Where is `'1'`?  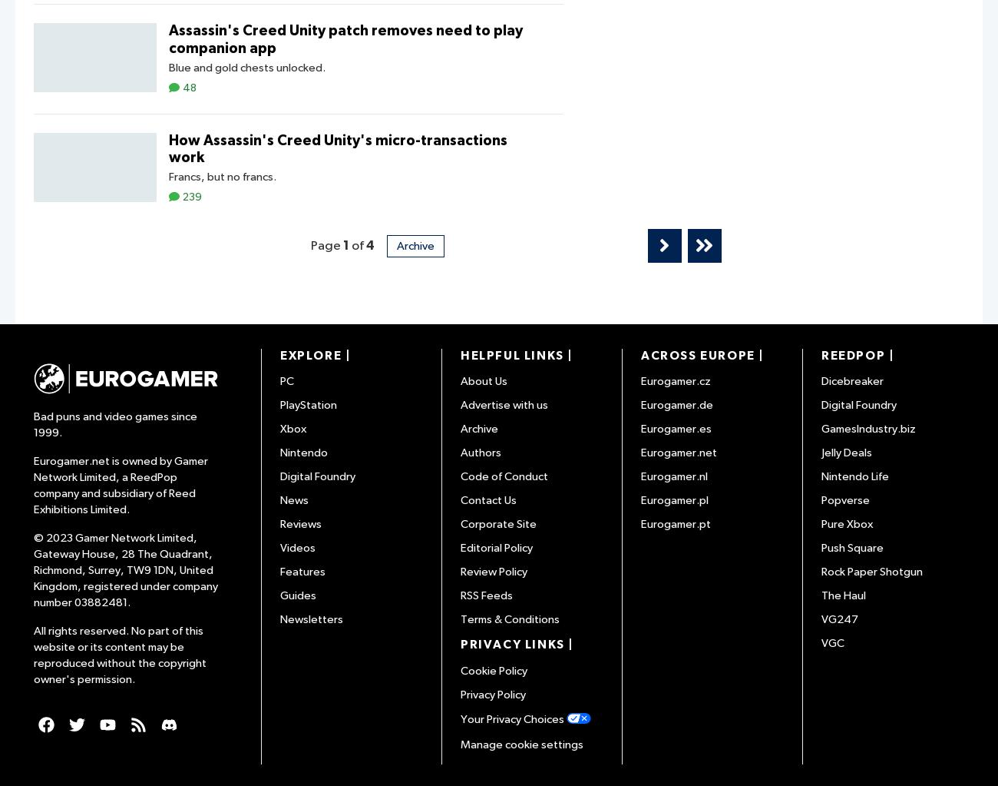 '1' is located at coordinates (345, 245).